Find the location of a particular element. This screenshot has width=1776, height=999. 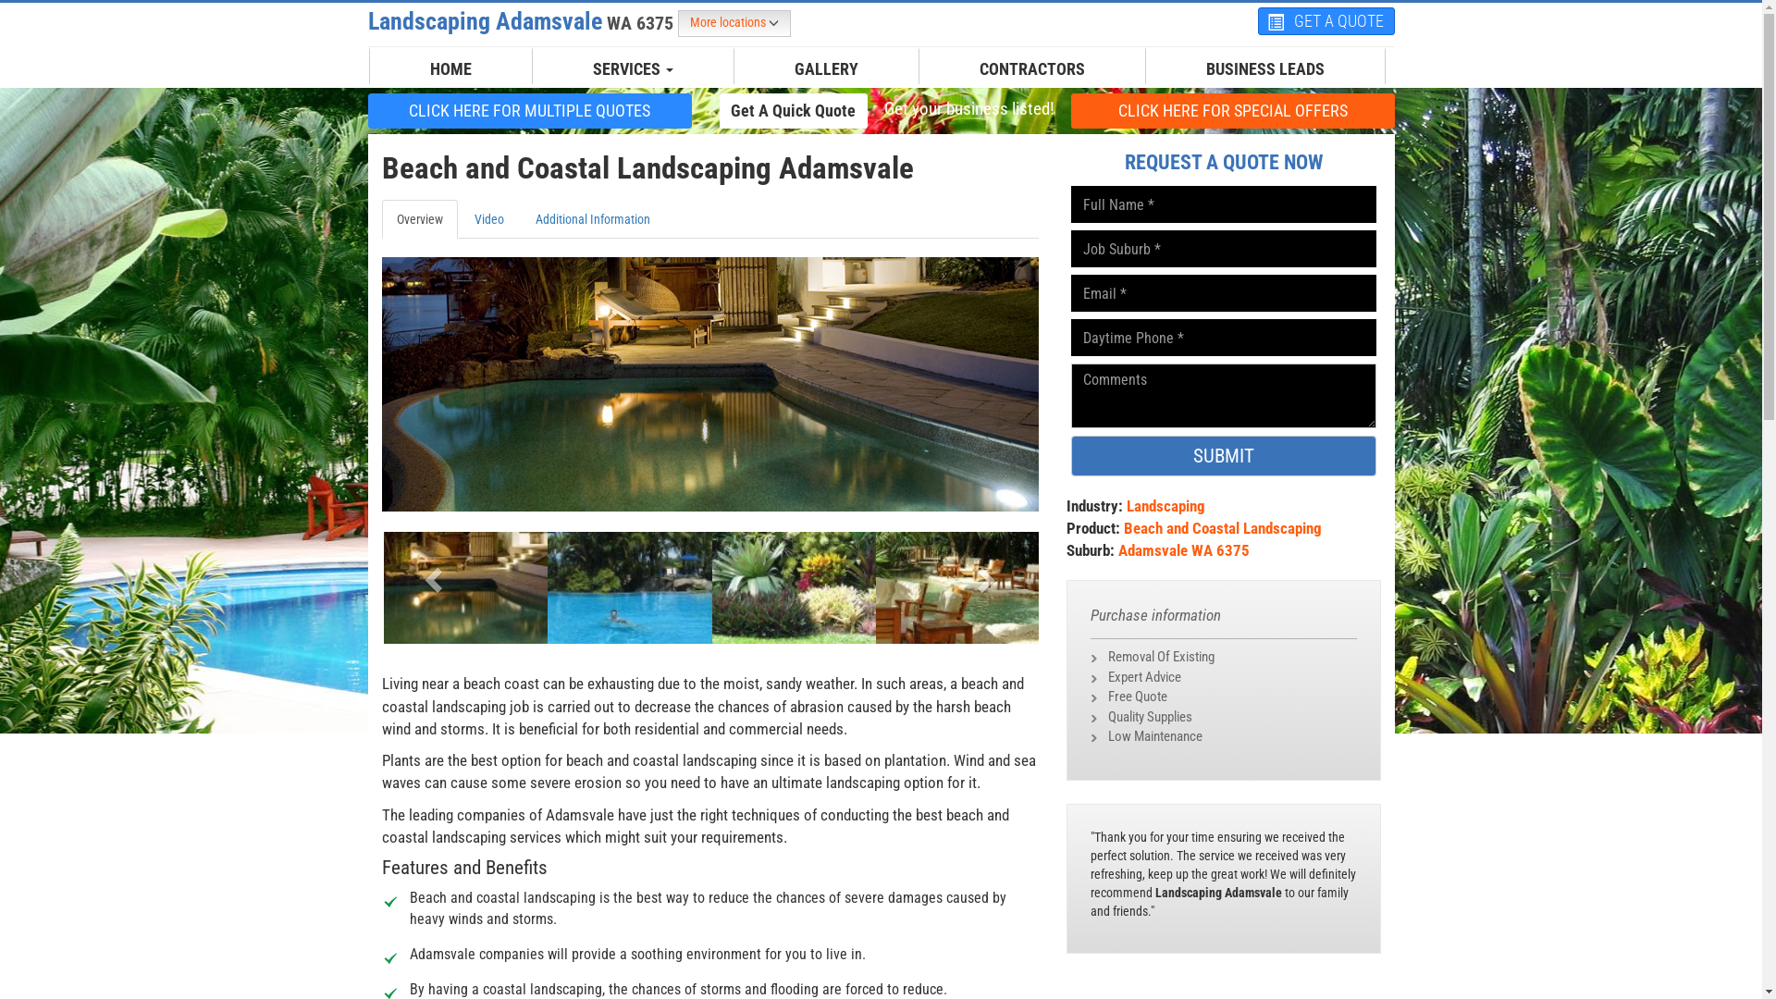

'Video' is located at coordinates (488, 217).